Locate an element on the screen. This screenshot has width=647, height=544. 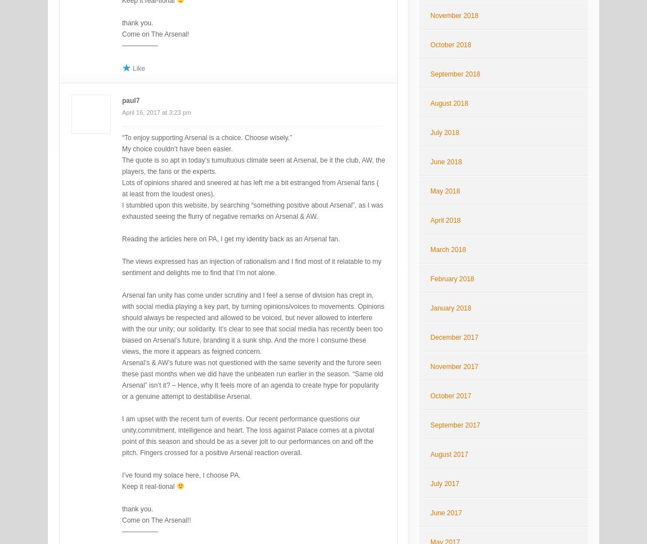
'June 2017' is located at coordinates (446, 512).